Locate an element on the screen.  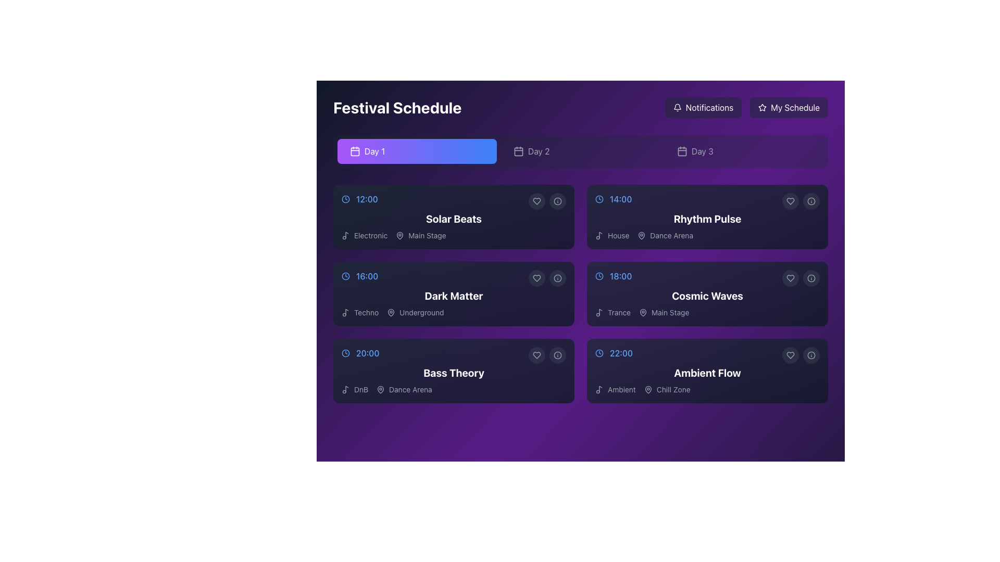
the 'Day 3' text label within the purple gradient button in the top-right corner of the navigation bar is located at coordinates (702, 151).